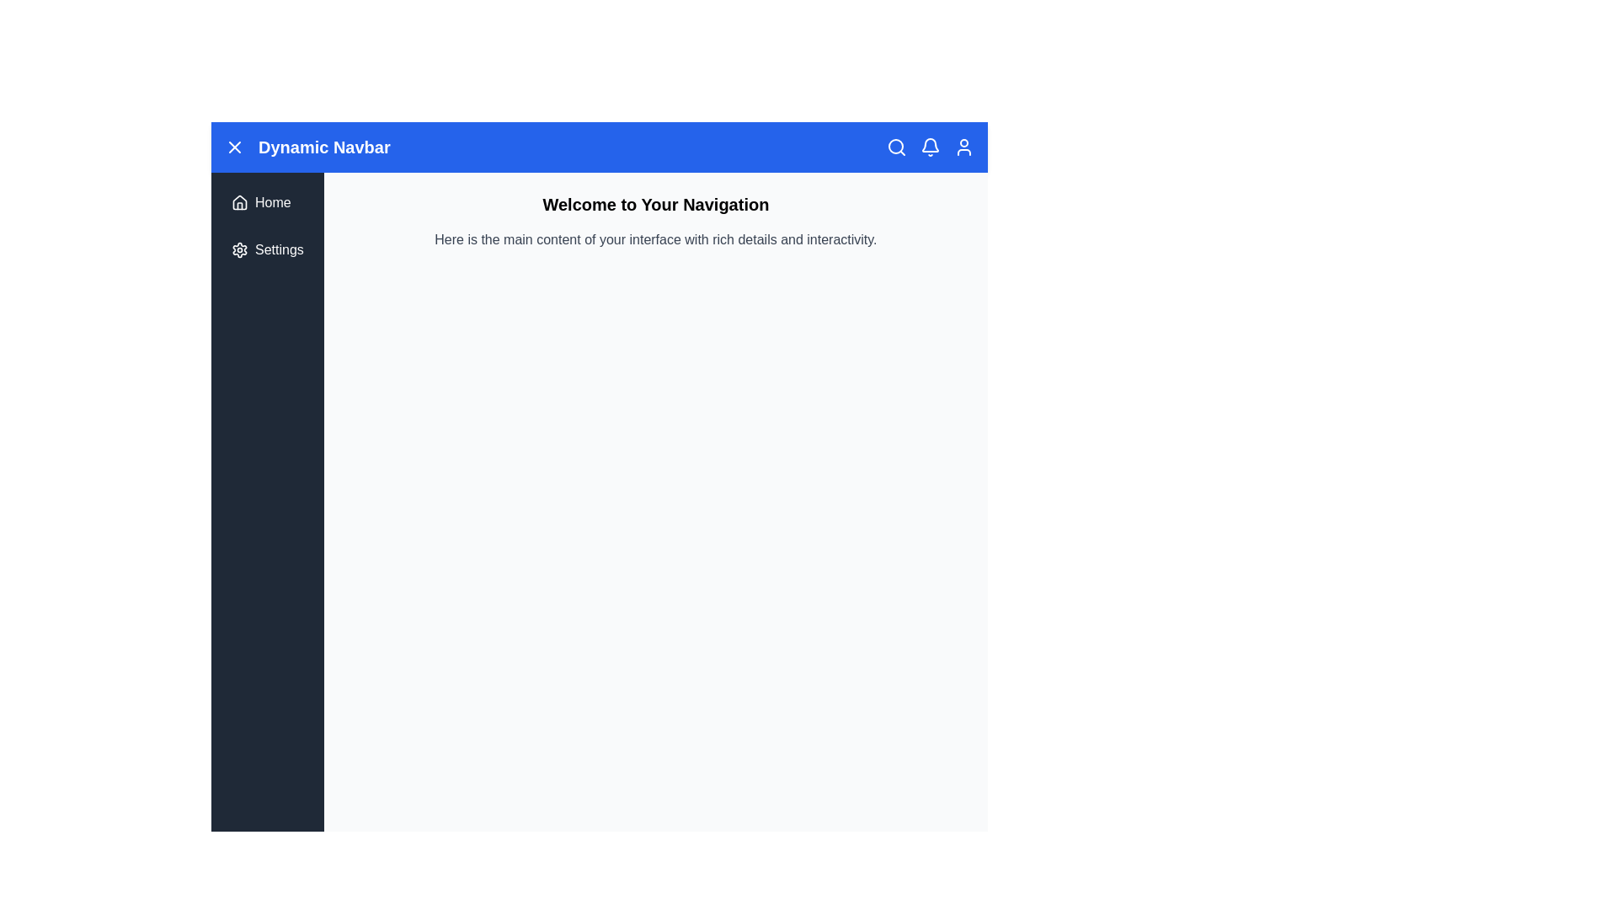 The width and height of the screenshot is (1617, 910). What do you see at coordinates (654, 240) in the screenshot?
I see `the descriptive text element located below the heading 'Welcome to Your Navigation', which spans horizontally across the center of the content area` at bounding box center [654, 240].